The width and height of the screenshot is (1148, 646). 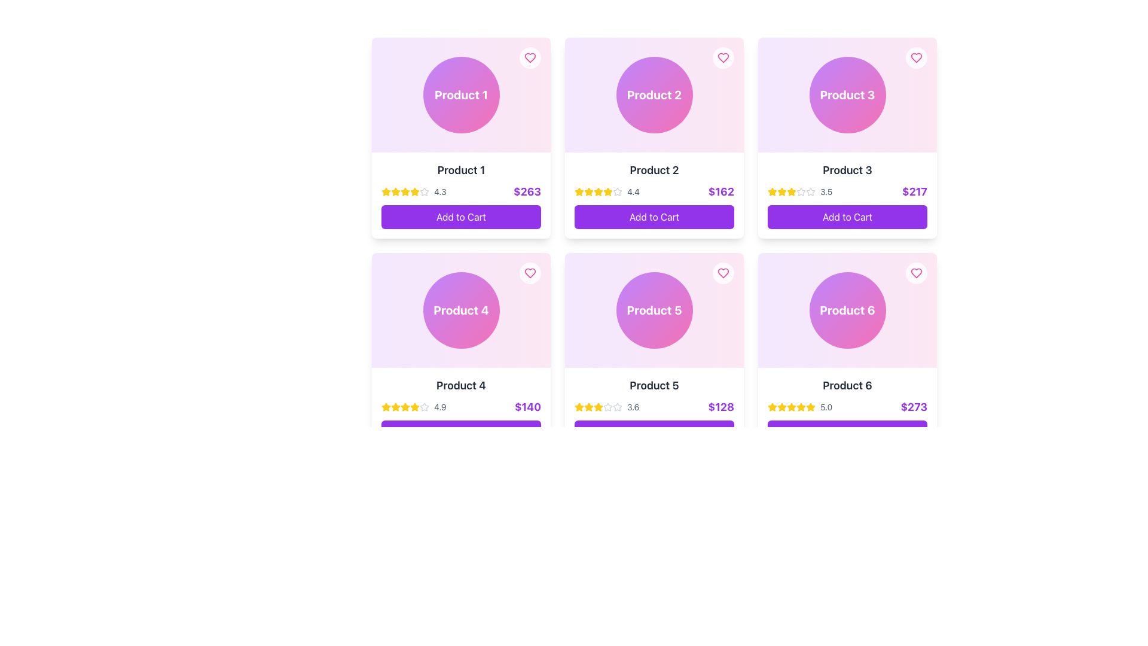 What do you see at coordinates (720, 191) in the screenshot?
I see `the text label displaying the price '$162' in a bold, large purple font, located at the bottom-right of the 'Product 2' card in the grid` at bounding box center [720, 191].